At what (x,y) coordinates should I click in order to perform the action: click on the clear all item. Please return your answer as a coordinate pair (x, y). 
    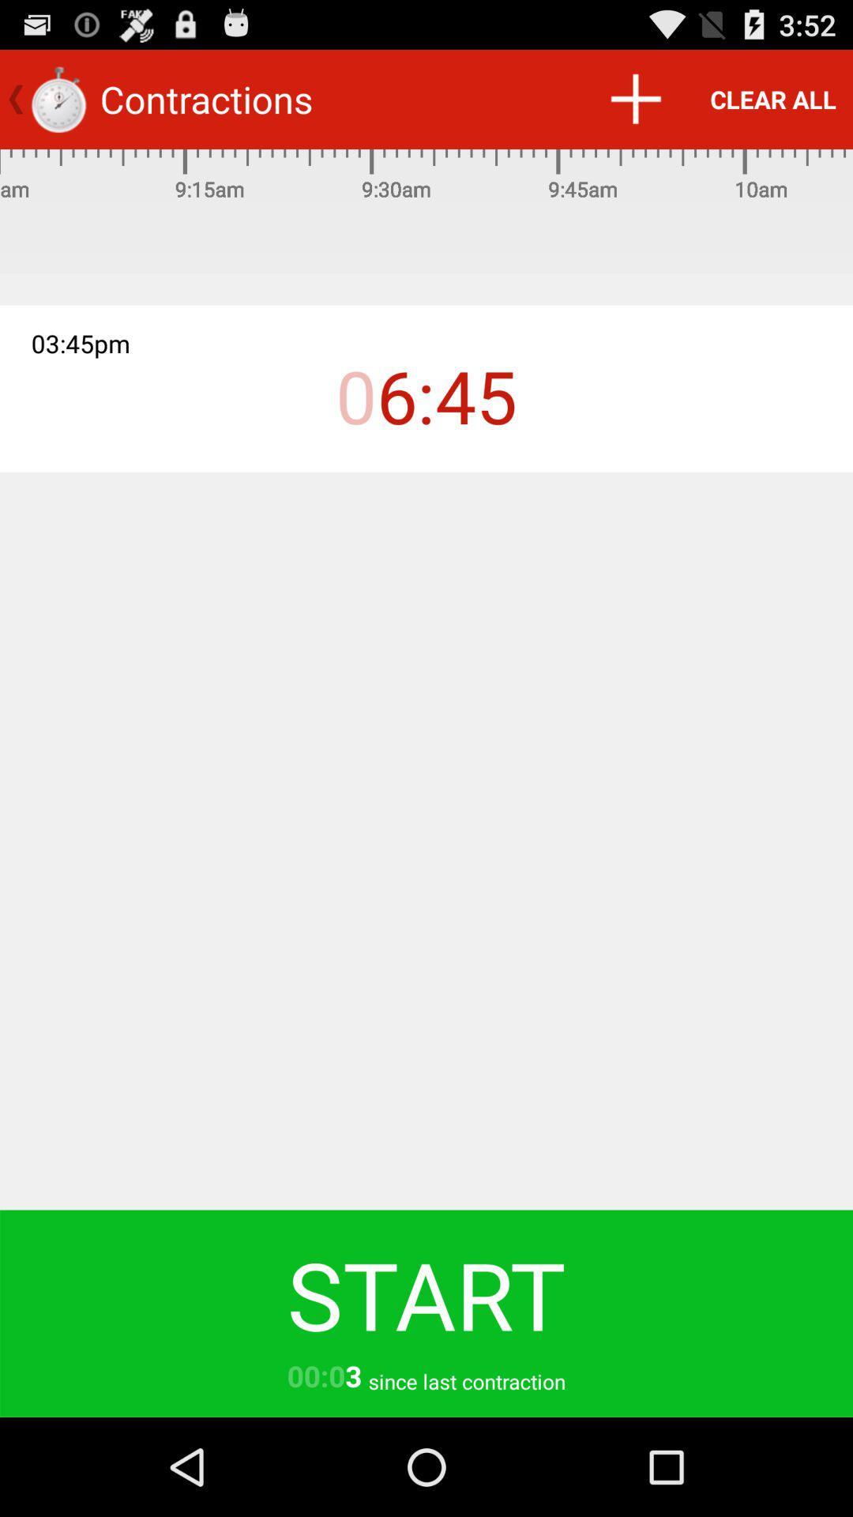
    Looking at the image, I should click on (772, 98).